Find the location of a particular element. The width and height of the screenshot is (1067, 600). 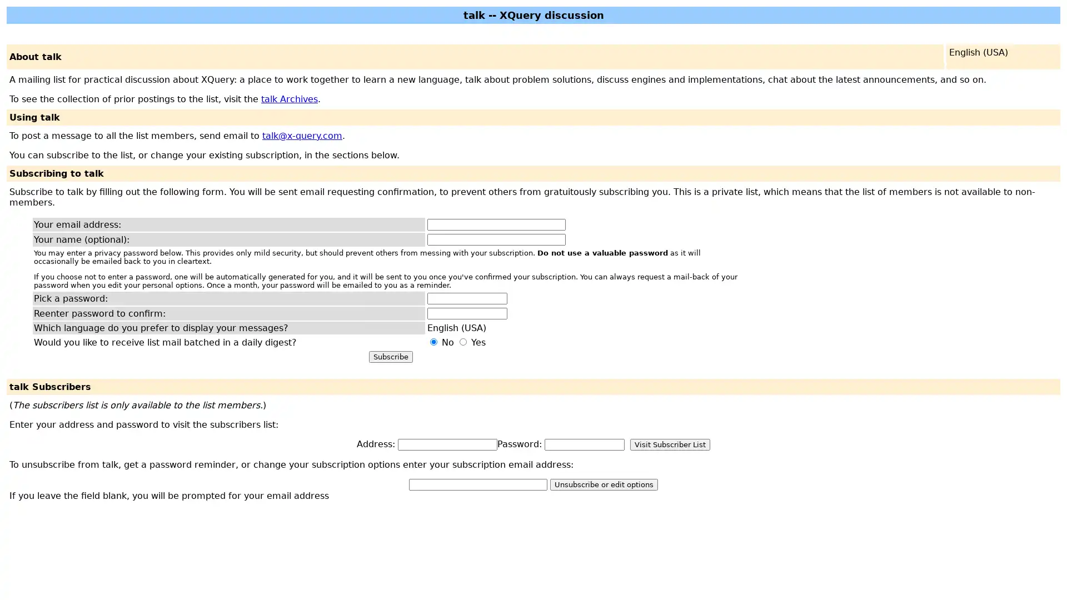

Unsubscribe or edit options is located at coordinates (603, 484).